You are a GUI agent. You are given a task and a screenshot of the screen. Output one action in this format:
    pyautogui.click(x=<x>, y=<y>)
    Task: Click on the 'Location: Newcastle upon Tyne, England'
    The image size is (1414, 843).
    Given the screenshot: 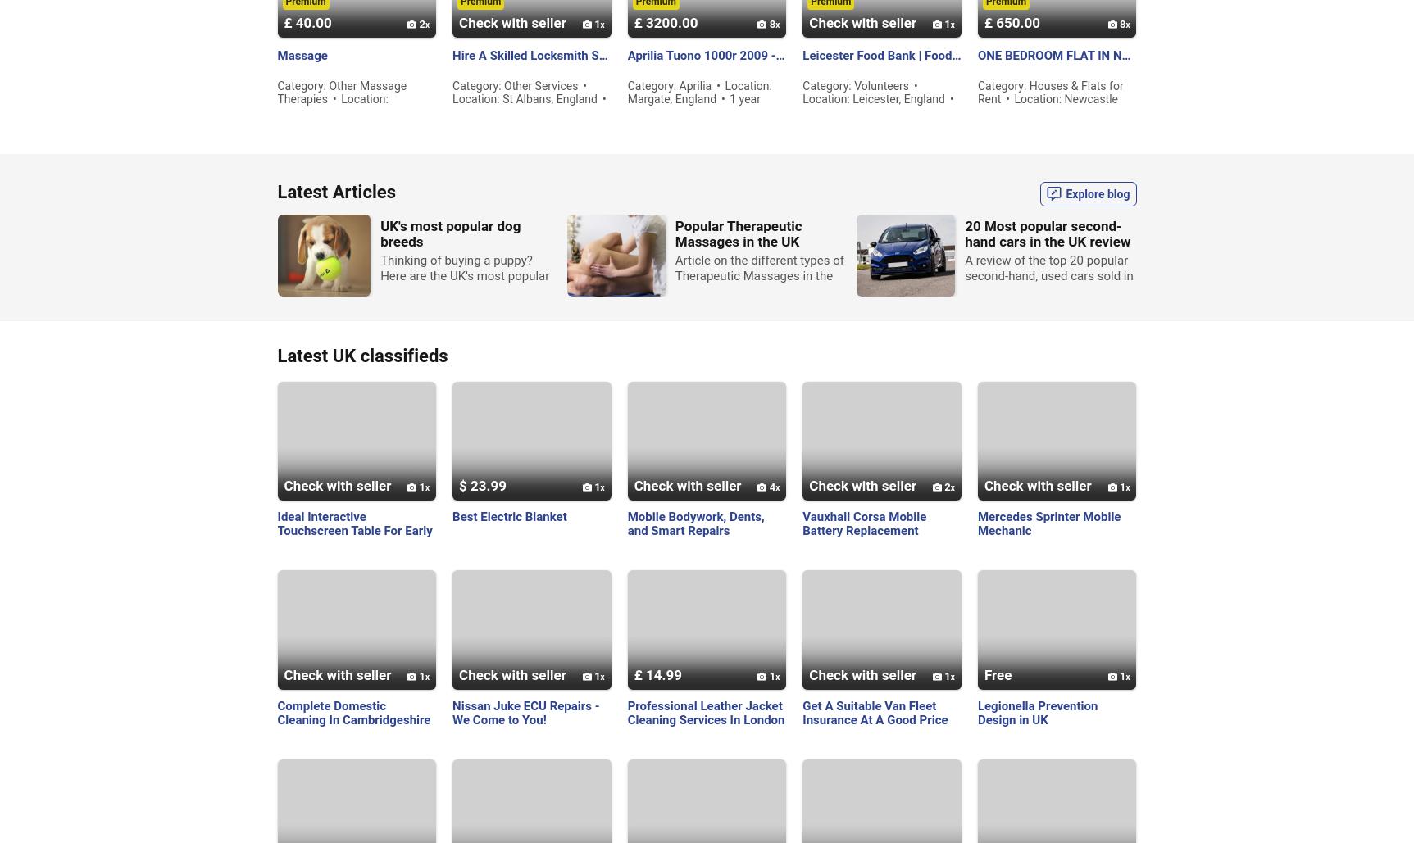 What is the action you would take?
    pyautogui.click(x=1048, y=106)
    